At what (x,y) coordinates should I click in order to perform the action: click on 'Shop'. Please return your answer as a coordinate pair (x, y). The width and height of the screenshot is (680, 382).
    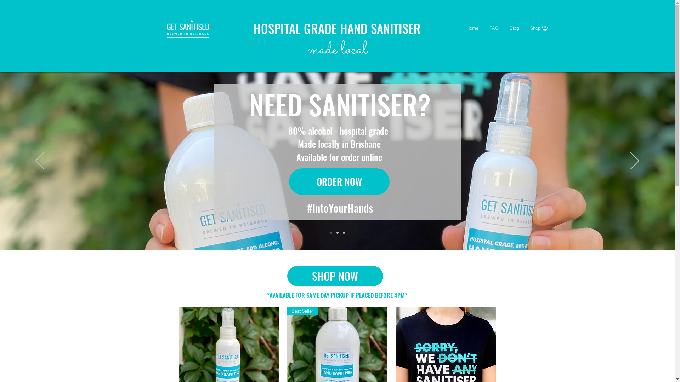
    Looking at the image, I should click on (535, 28).